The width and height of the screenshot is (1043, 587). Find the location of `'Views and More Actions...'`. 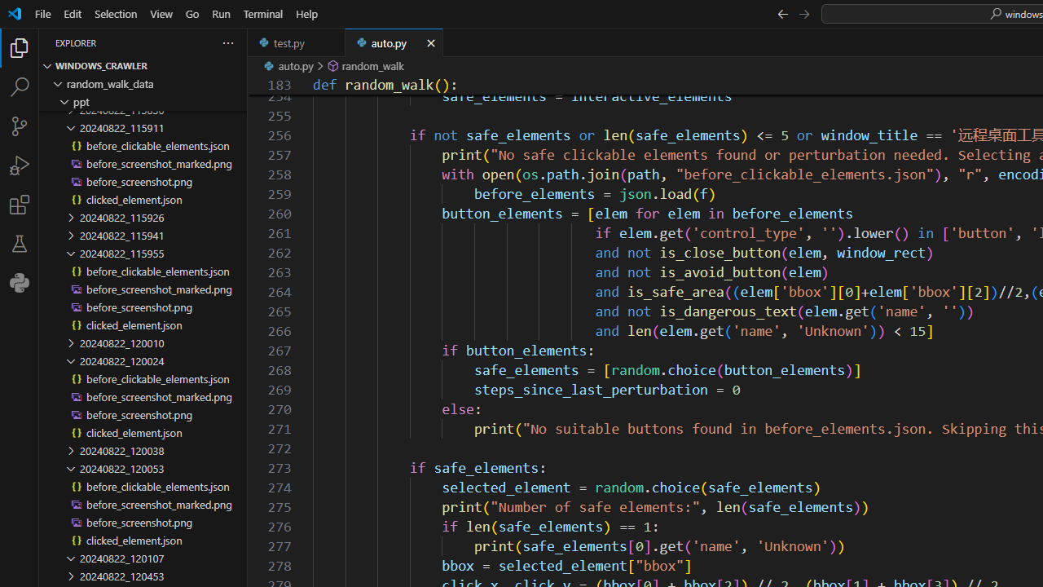

'Views and More Actions...' is located at coordinates (227, 42).